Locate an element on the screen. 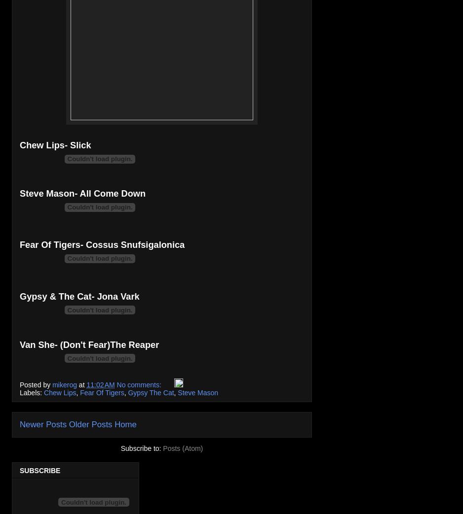 The image size is (463, 514). 'Older Posts' is located at coordinates (90, 424).